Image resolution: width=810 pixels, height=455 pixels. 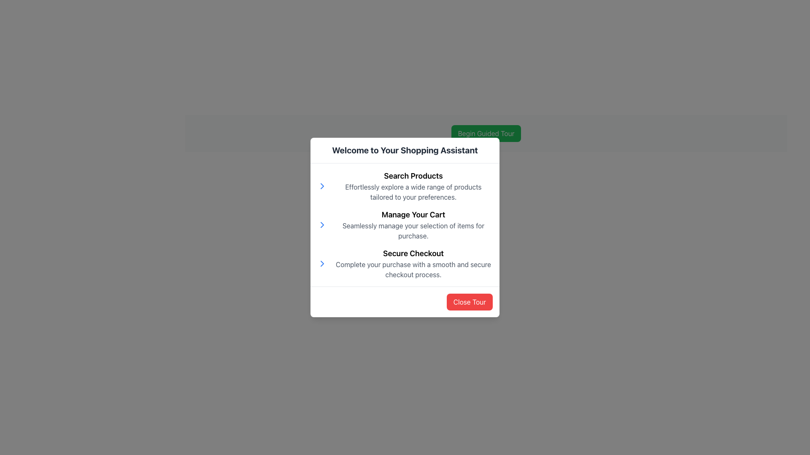 What do you see at coordinates (413, 224) in the screenshot?
I see `descriptive text in the second Text content block located in the centered dialog box, positioned below the 'Search Products' section and above the 'Secure Checkout' section` at bounding box center [413, 224].